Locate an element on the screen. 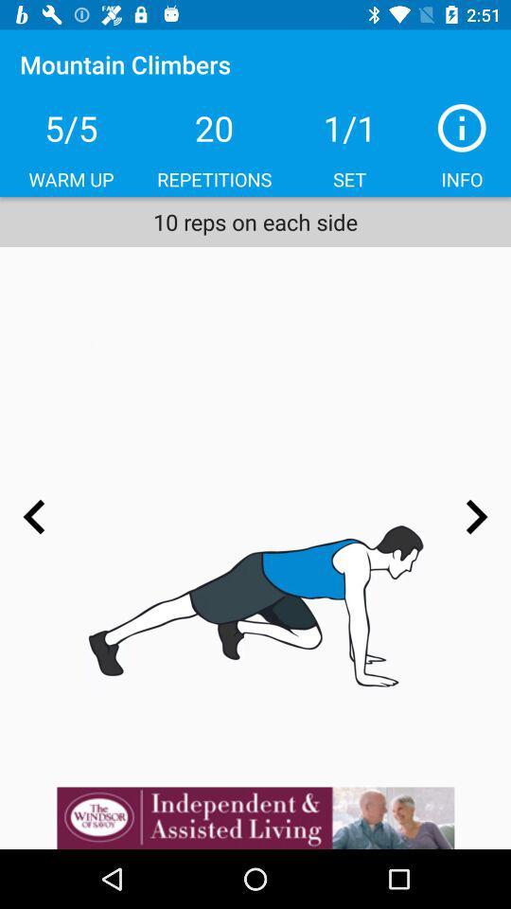  the arrow_forward icon is located at coordinates (475, 517).